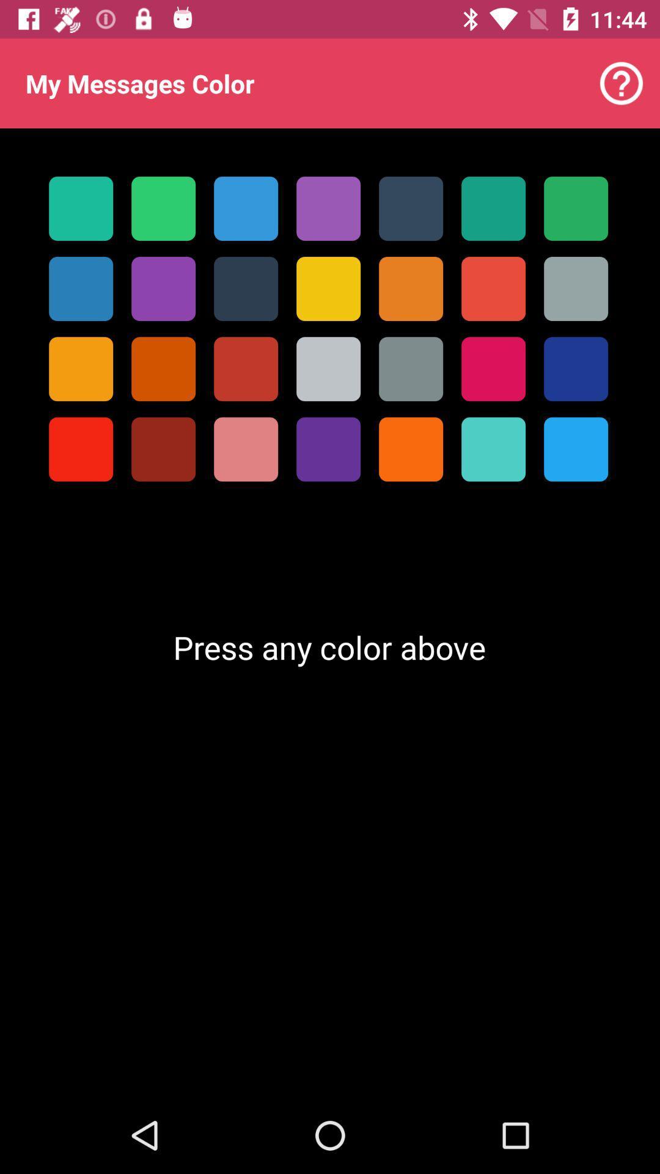  Describe the element at coordinates (246, 288) in the screenshot. I see `the third square box in second row` at that location.